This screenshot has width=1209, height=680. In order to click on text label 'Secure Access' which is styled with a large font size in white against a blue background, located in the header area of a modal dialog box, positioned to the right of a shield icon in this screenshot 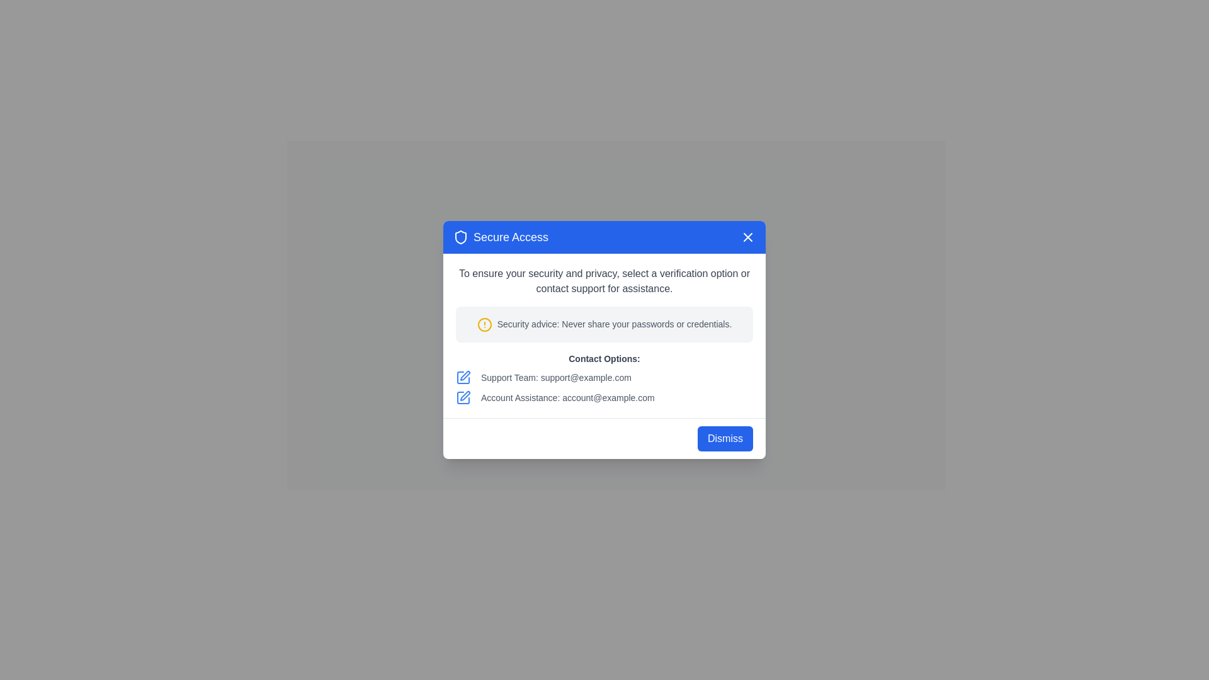, I will do `click(511, 237)`.